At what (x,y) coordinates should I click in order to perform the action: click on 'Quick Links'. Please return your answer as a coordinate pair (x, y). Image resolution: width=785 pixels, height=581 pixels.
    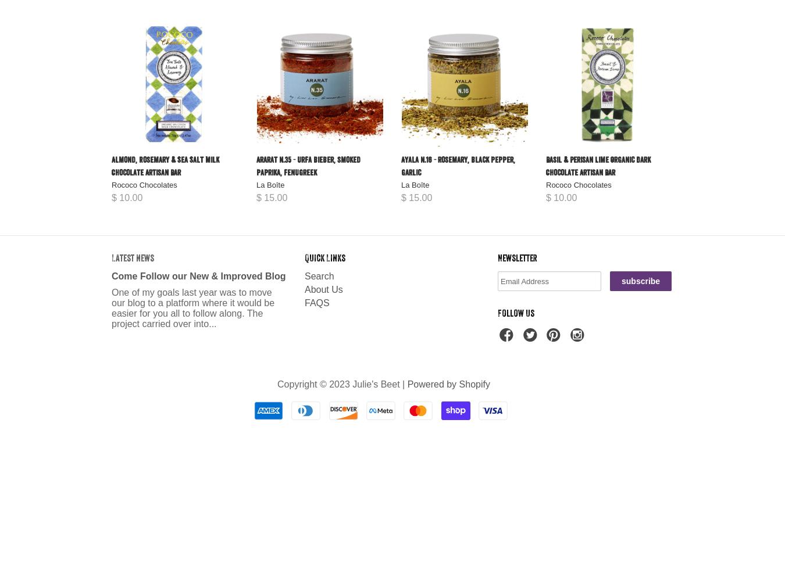
    Looking at the image, I should click on (324, 258).